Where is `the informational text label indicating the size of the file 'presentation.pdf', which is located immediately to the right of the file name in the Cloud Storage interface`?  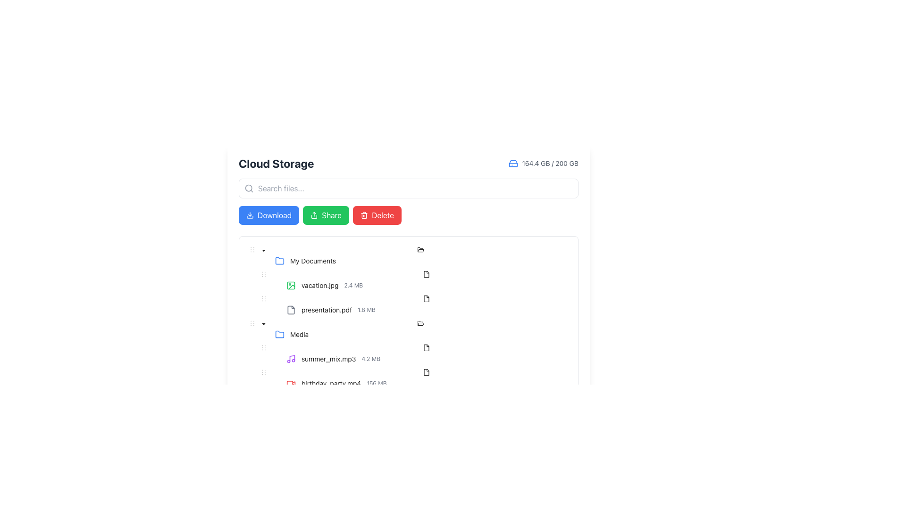 the informational text label indicating the size of the file 'presentation.pdf', which is located immediately to the right of the file name in the Cloud Storage interface is located at coordinates (366, 310).